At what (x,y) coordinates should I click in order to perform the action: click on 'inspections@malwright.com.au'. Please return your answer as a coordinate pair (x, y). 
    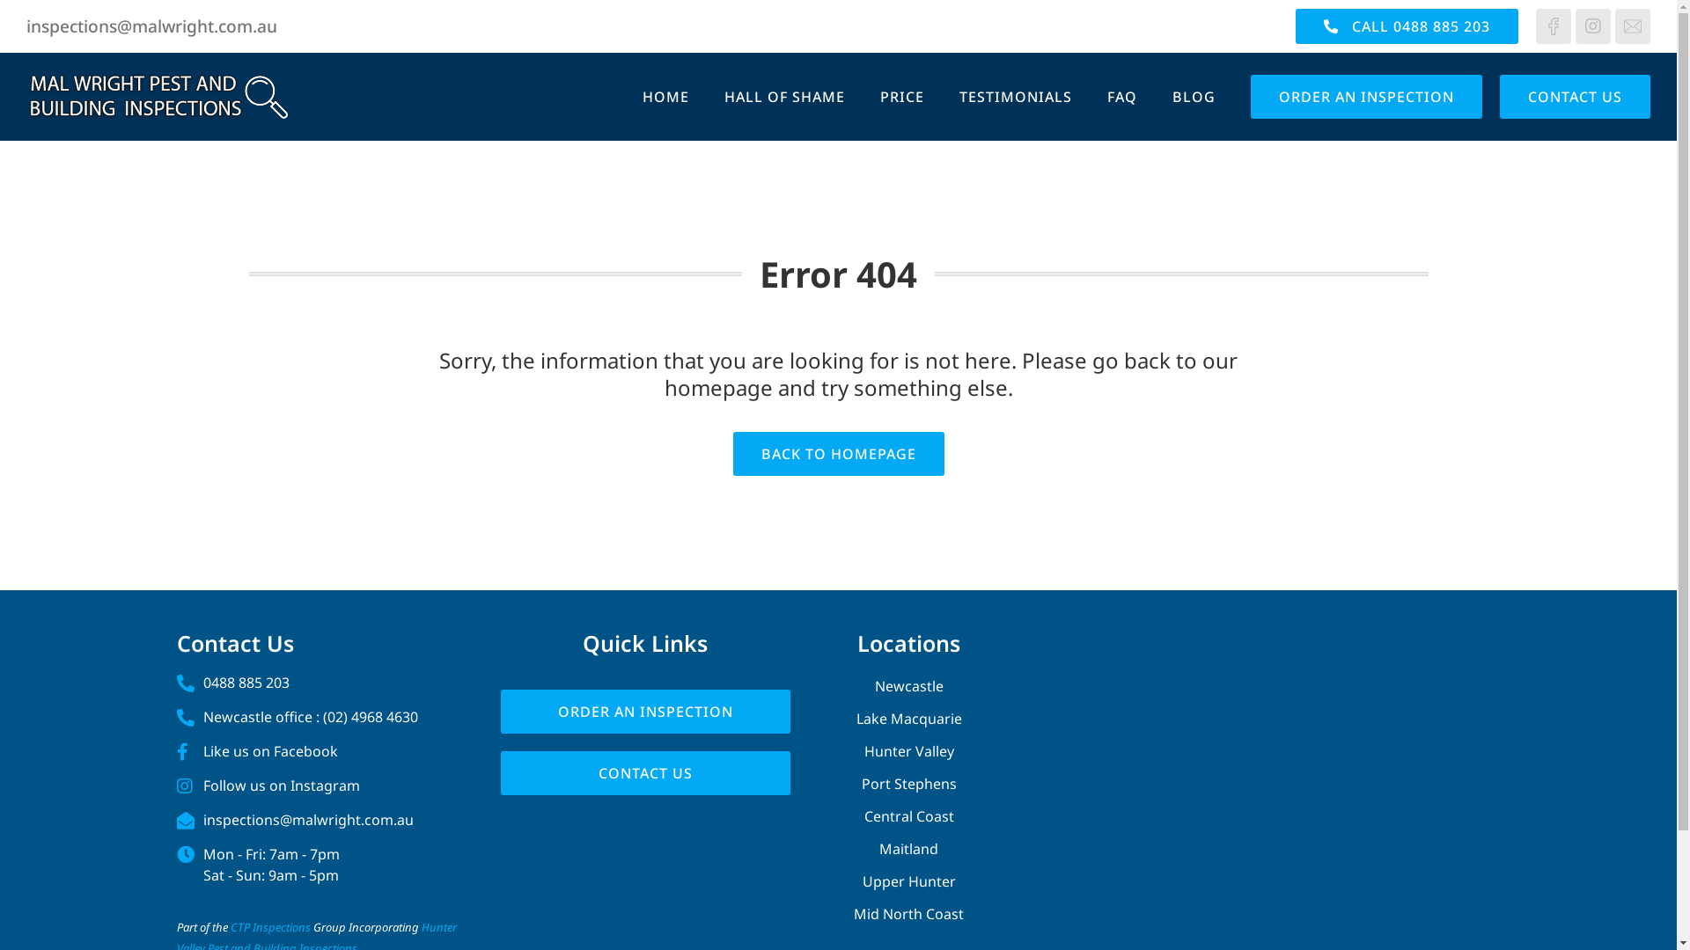
    Looking at the image, I should click on (151, 26).